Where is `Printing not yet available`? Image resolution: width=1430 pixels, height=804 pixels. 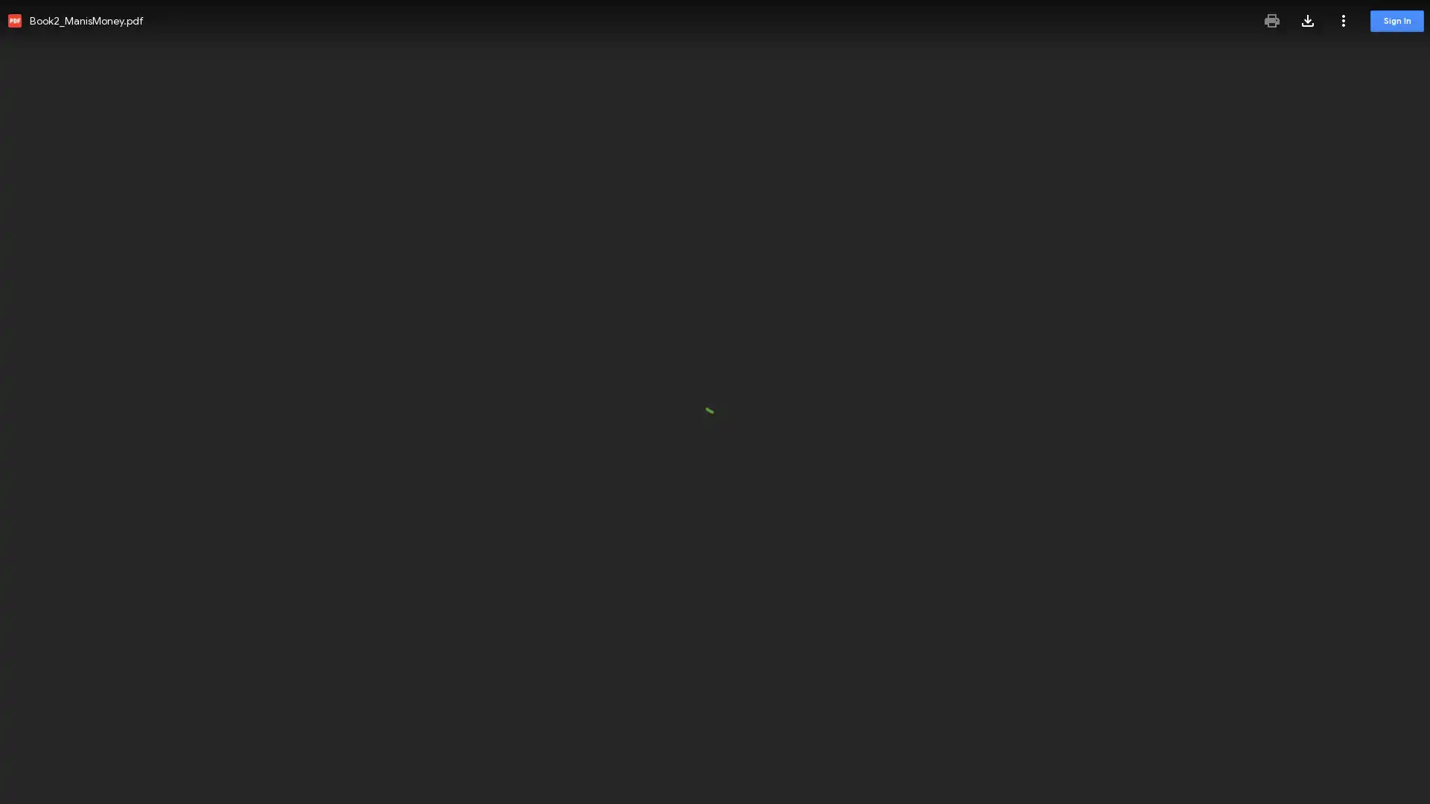 Printing not yet available is located at coordinates (1271, 20).